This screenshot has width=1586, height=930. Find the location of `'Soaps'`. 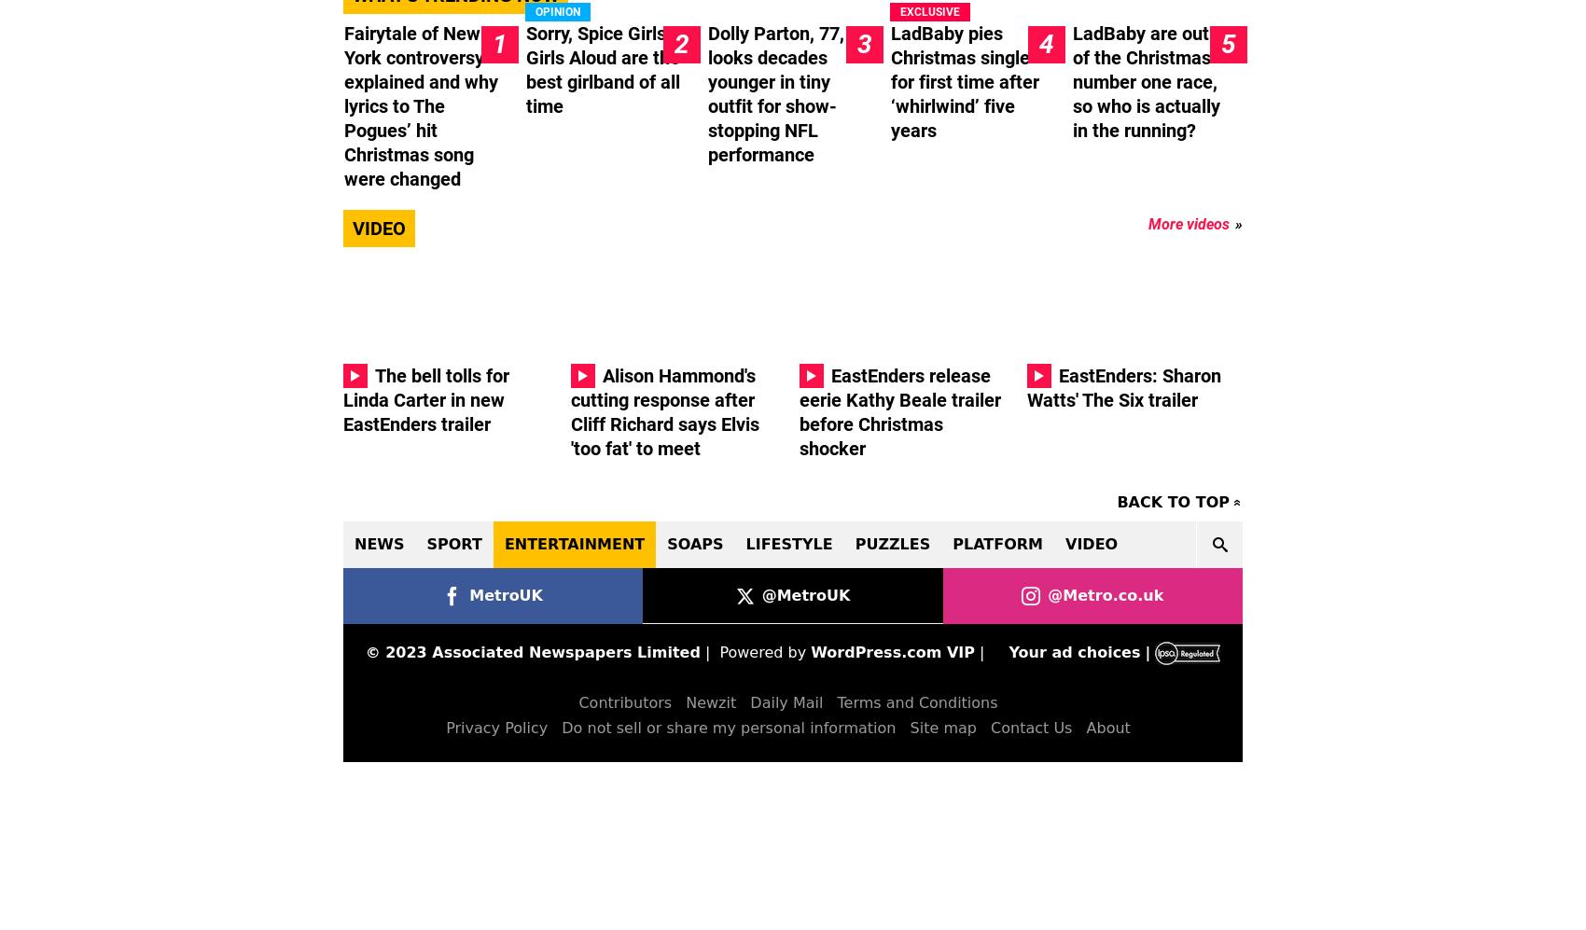

'Soaps' is located at coordinates (667, 544).